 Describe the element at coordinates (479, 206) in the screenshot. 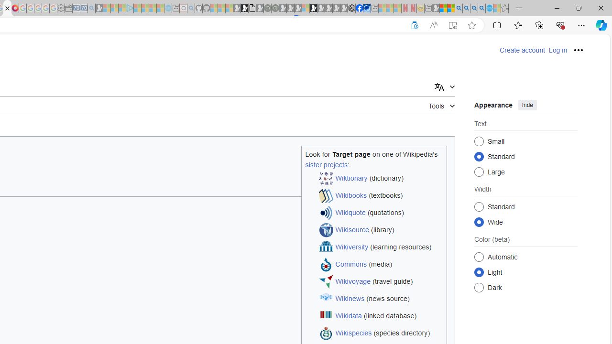

I see `'Standard'` at that location.